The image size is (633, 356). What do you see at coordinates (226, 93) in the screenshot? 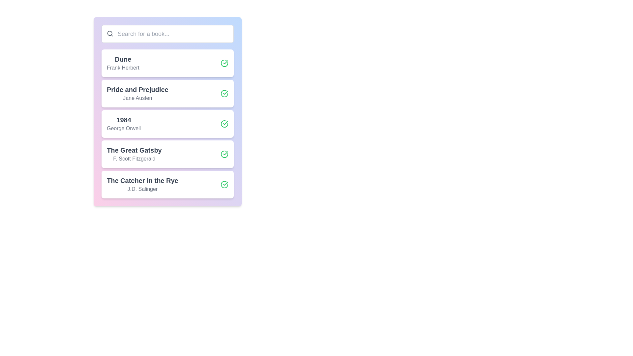
I see `the green checkmark icon associated with 'Pride and Prejudice' by Jane Austen, located on the right side of the second list entry` at bounding box center [226, 93].